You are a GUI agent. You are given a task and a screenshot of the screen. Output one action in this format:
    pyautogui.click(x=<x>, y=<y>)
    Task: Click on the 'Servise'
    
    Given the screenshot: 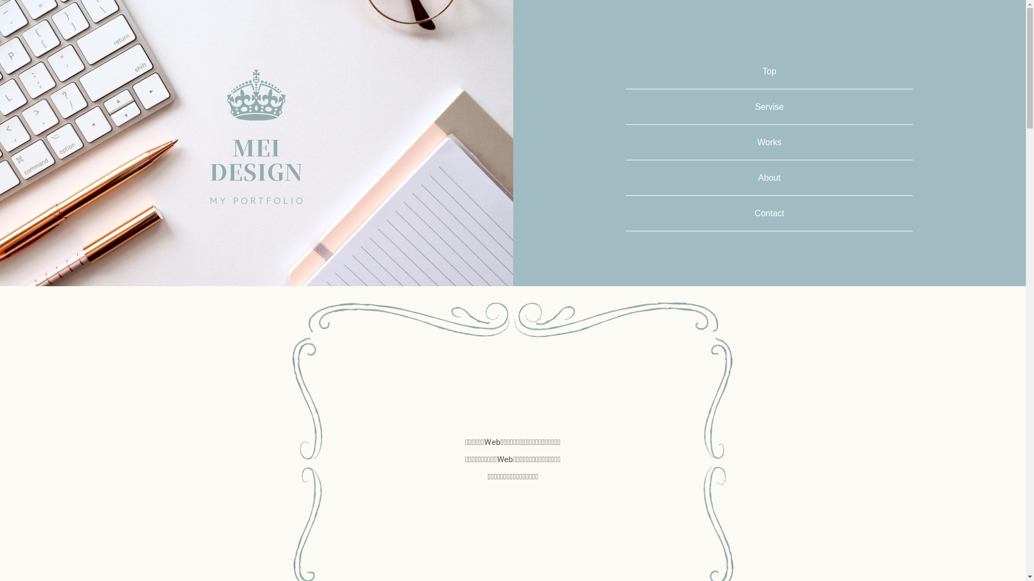 What is the action you would take?
    pyautogui.click(x=768, y=107)
    